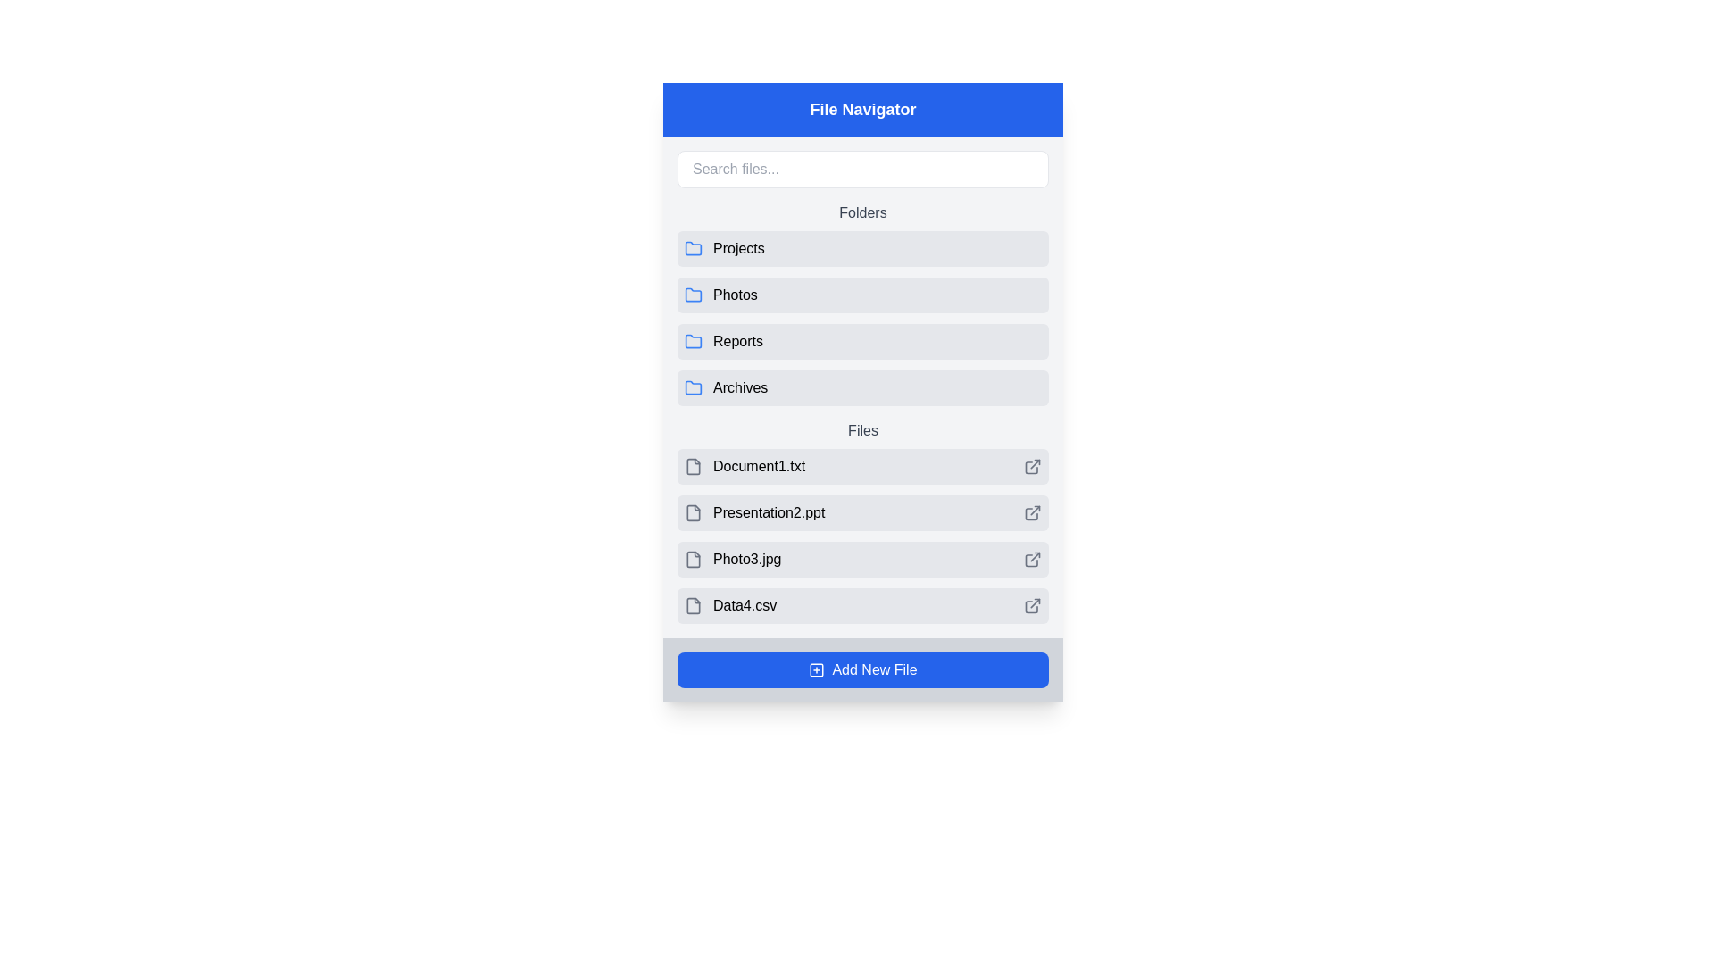  What do you see at coordinates (730, 604) in the screenshot?
I see `the file entry labeled 'Data4.csv' located` at bounding box center [730, 604].